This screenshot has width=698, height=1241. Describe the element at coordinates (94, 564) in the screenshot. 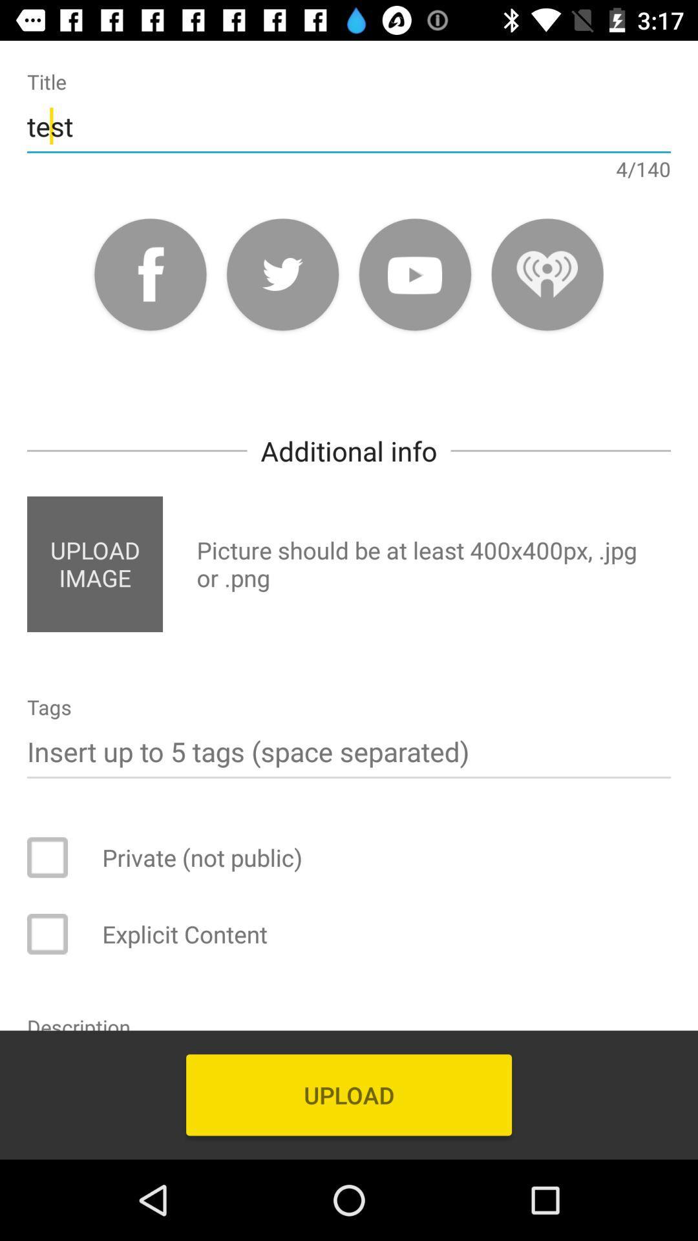

I see `the upload image` at that location.